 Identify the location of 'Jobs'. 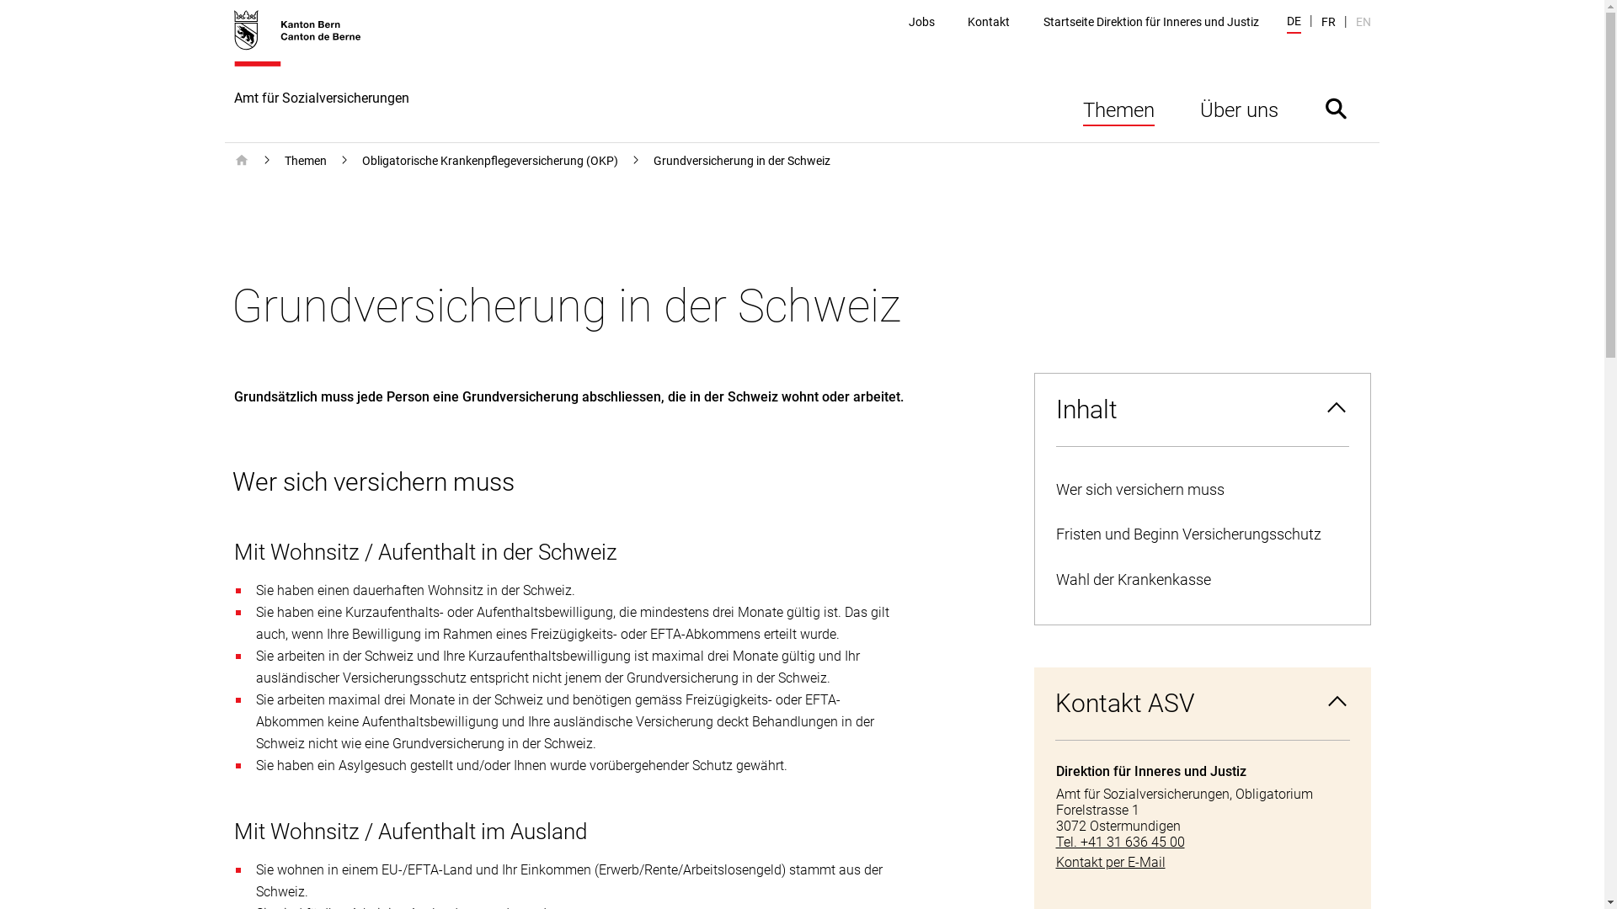
(908, 22).